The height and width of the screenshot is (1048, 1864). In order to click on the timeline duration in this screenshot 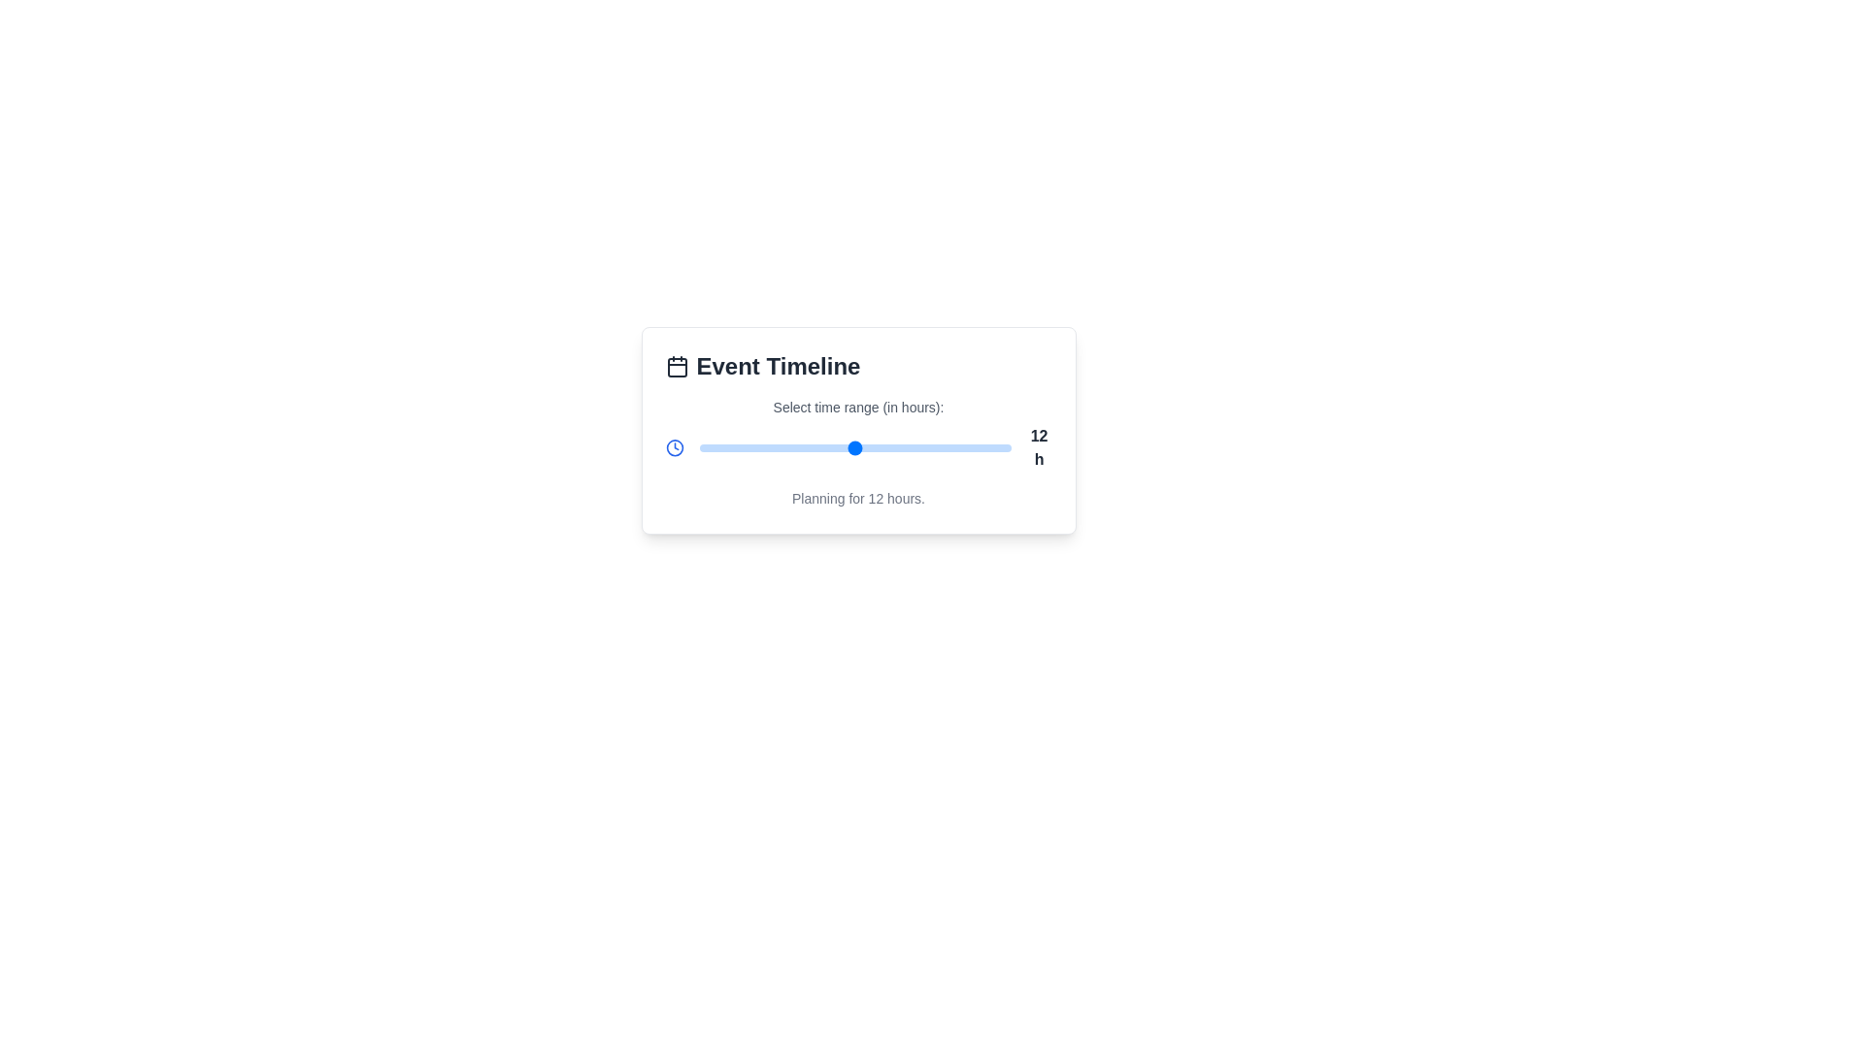, I will do `click(919, 448)`.